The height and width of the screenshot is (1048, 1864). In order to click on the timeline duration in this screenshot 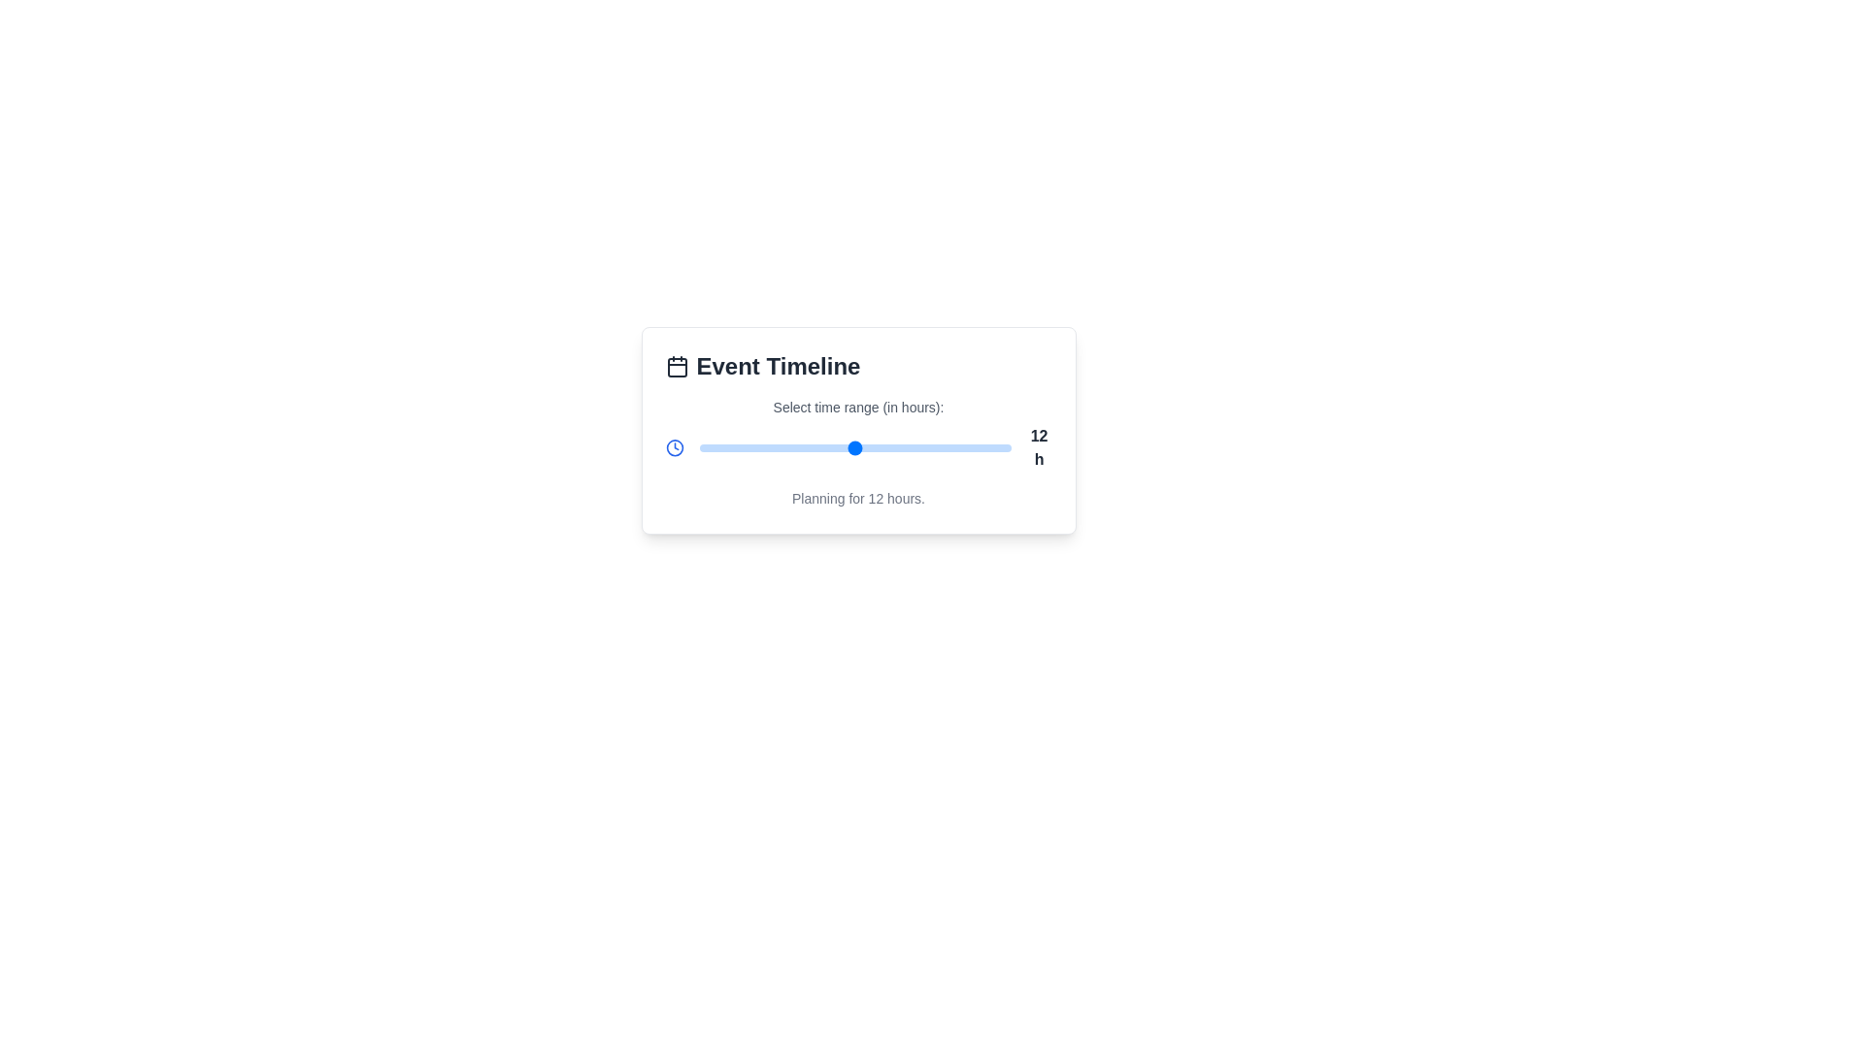, I will do `click(919, 448)`.